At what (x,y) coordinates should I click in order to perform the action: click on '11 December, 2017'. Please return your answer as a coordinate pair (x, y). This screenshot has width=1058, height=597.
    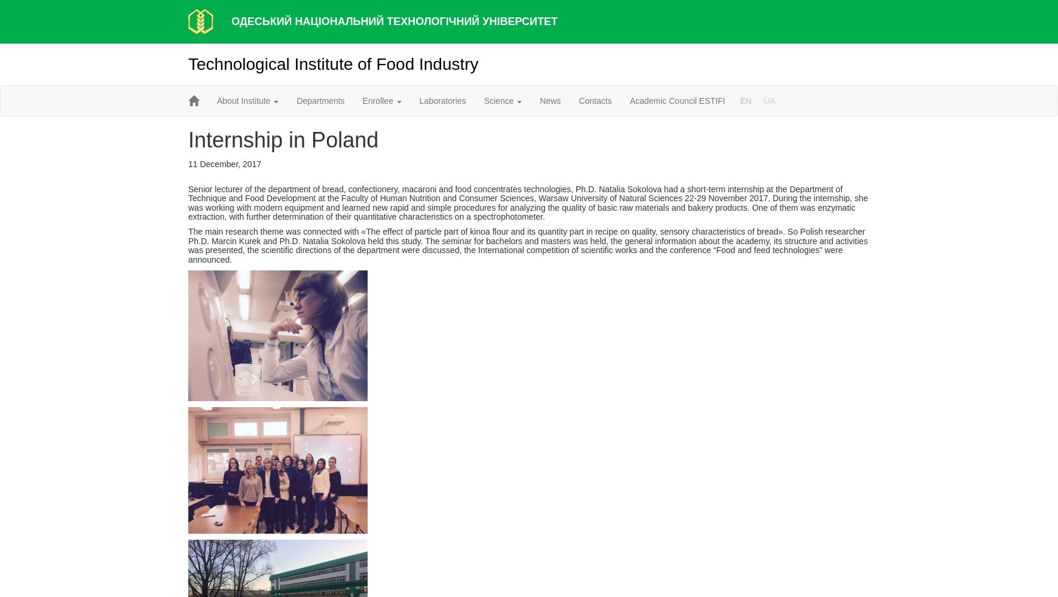
    Looking at the image, I should click on (188, 164).